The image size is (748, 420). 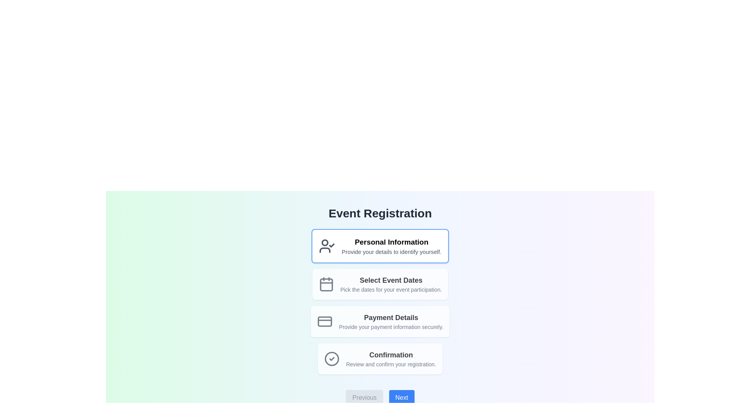 I want to click on the 'Confirmation' icon, which is the leftmost component in the confirmation section of the registration process, so click(x=332, y=359).